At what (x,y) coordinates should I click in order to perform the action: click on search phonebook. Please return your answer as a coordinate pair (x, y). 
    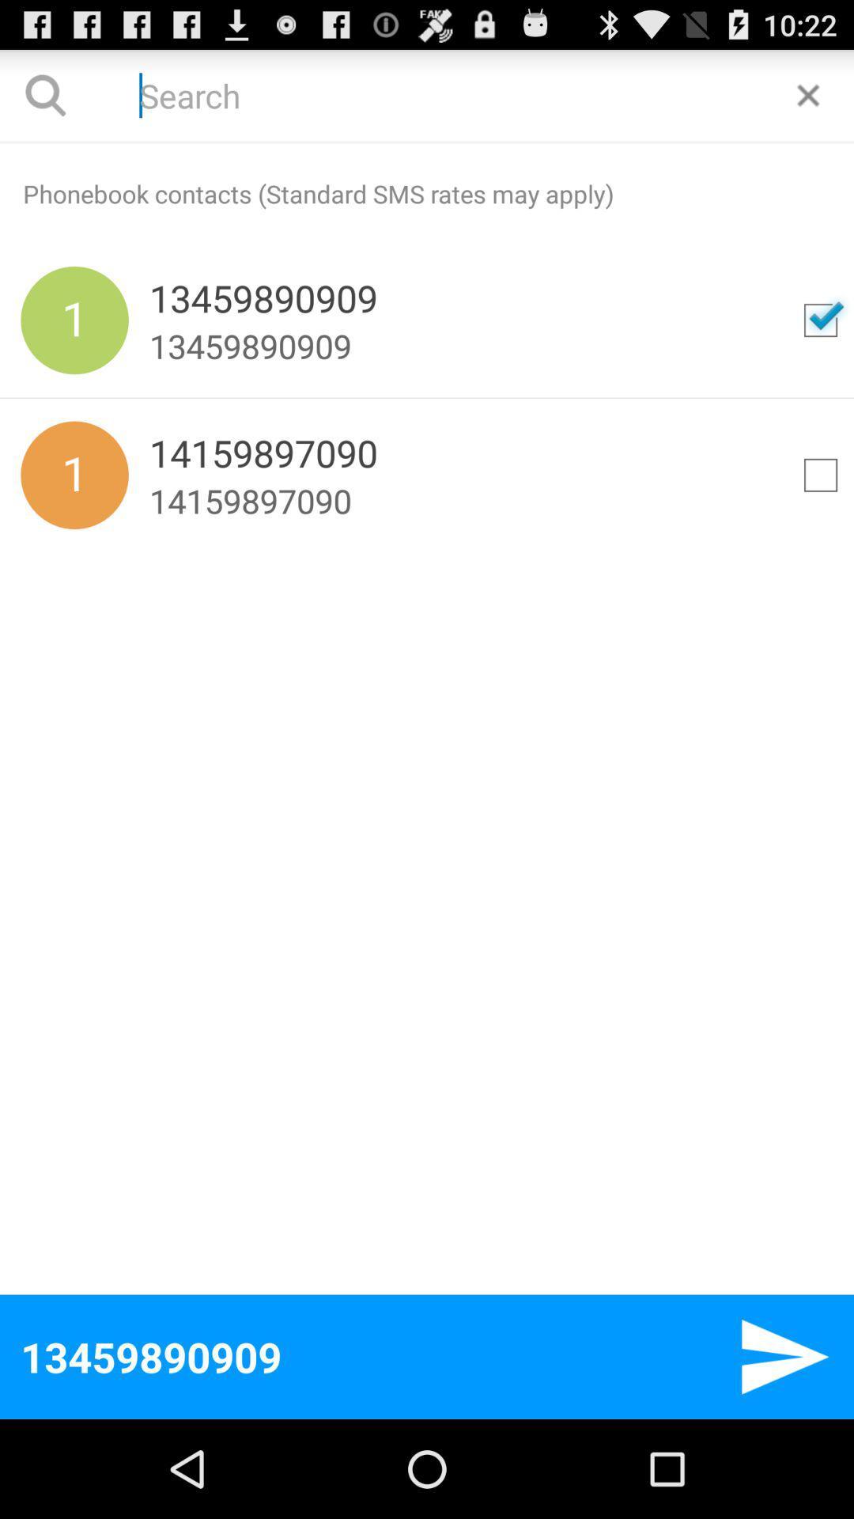
    Looking at the image, I should click on (427, 94).